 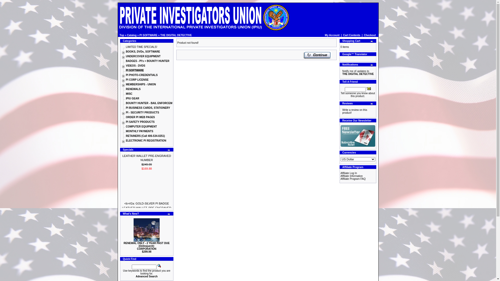 What do you see at coordinates (366, 88) in the screenshot?
I see `' Tell A Friend '` at bounding box center [366, 88].